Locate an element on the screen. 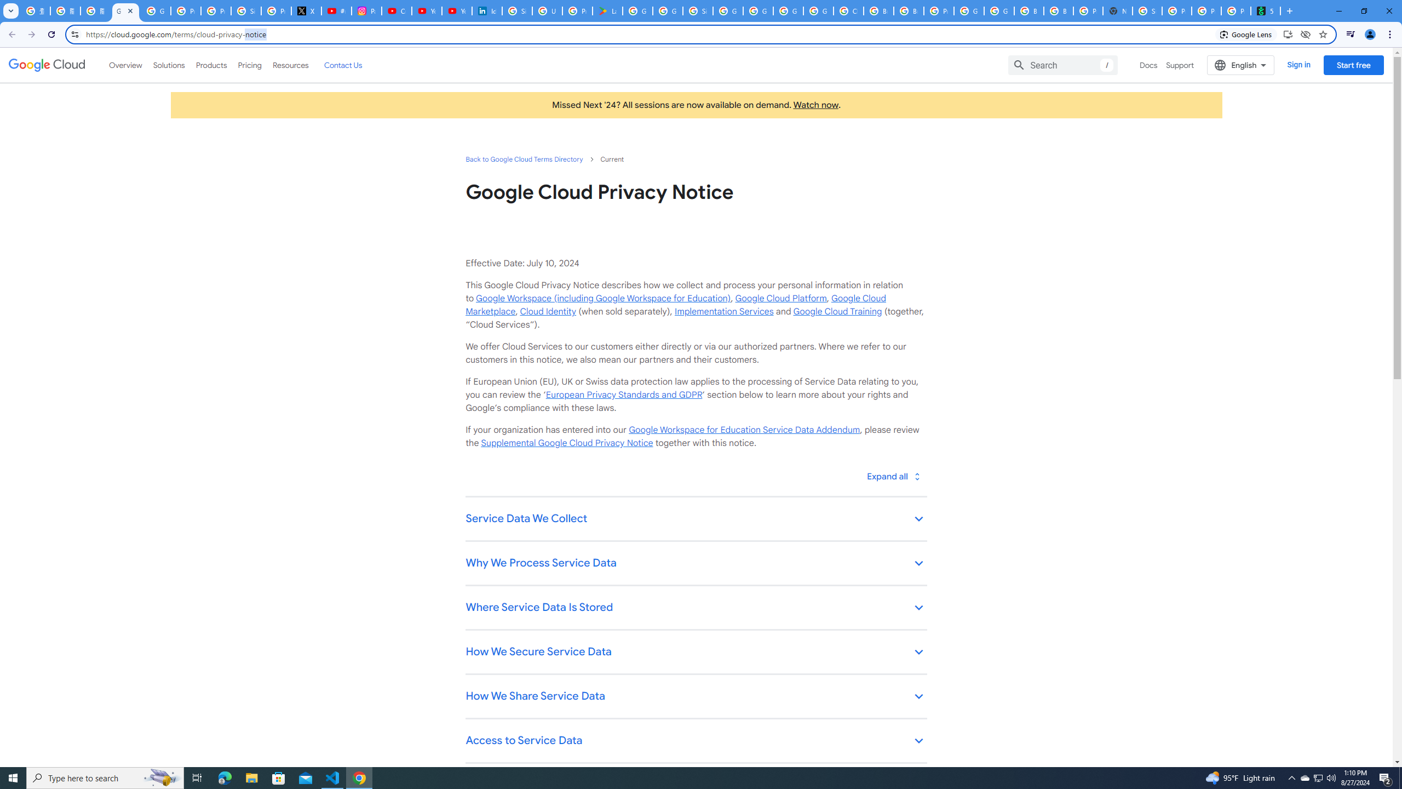 Image resolution: width=1402 pixels, height=789 pixels. 'Install Google Cloud' is located at coordinates (1288, 33).